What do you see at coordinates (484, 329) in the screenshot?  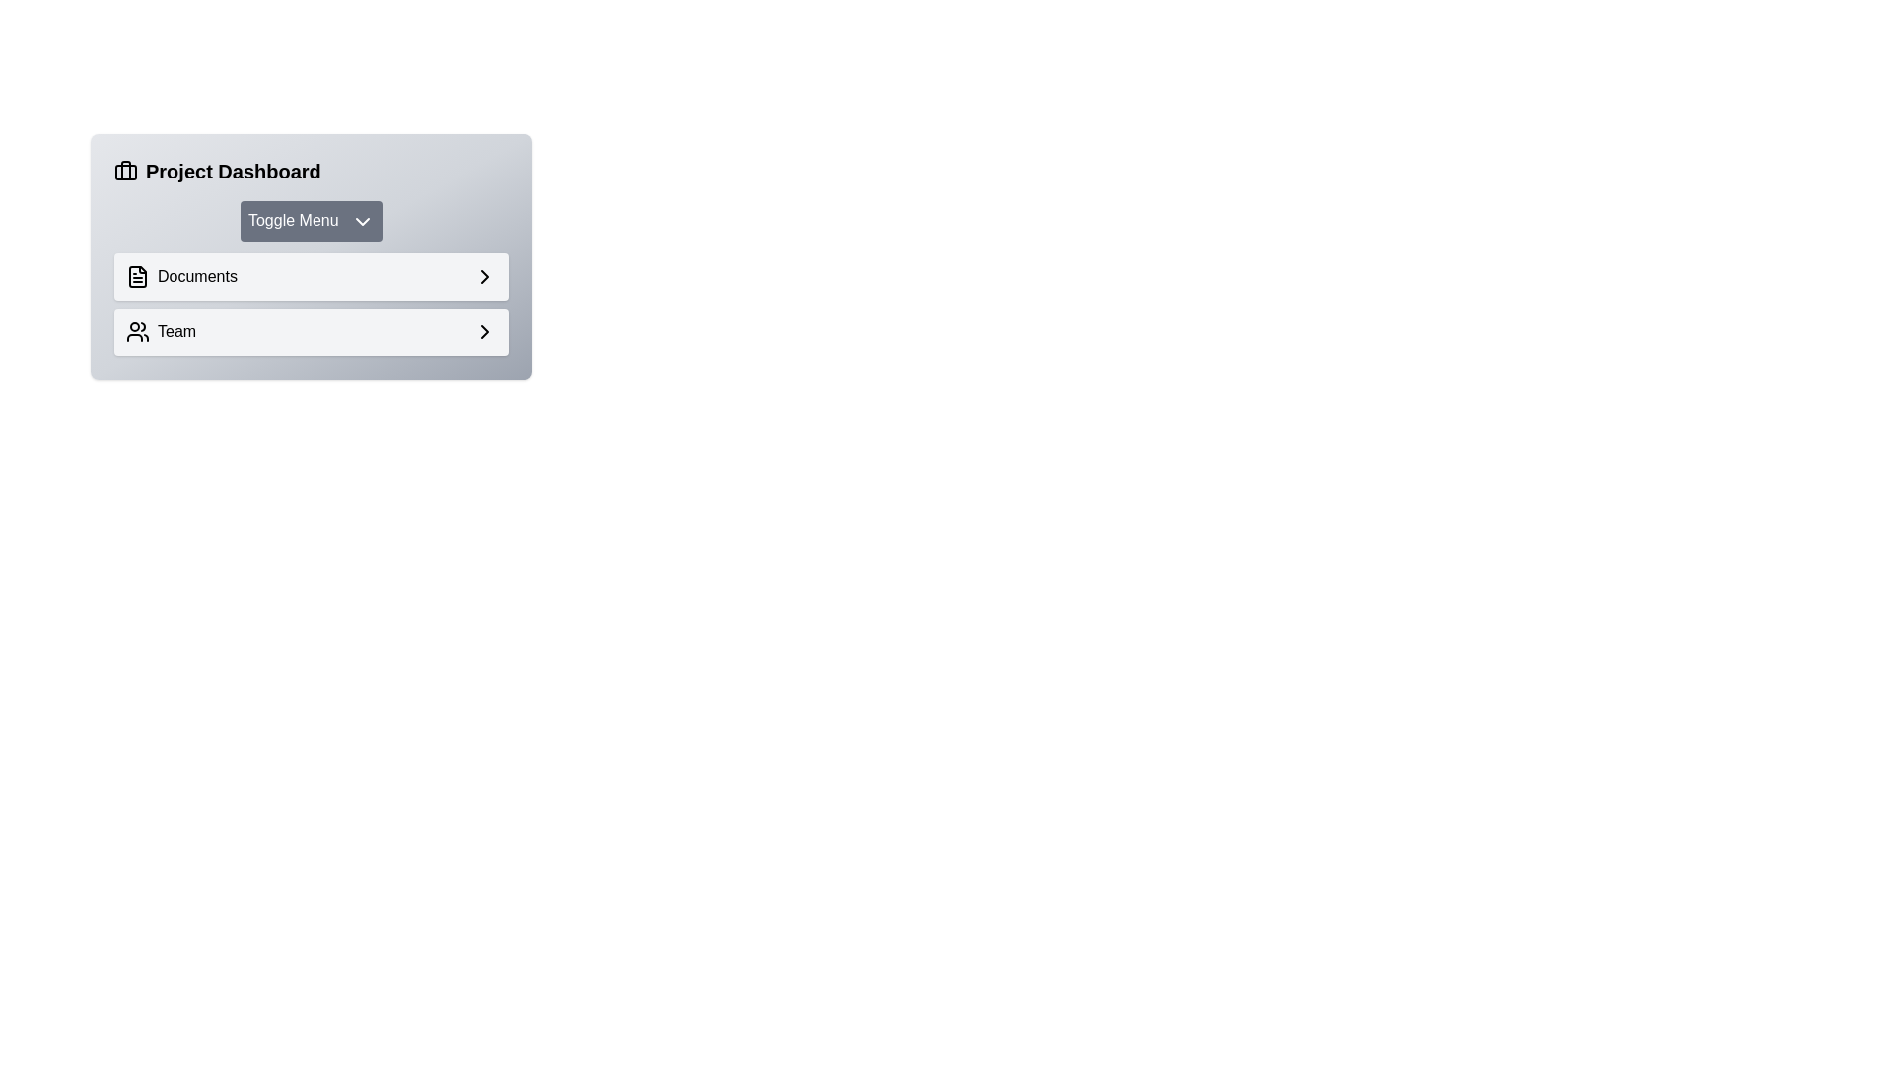 I see `the right-pointing chevron icon located to the right of the 'Team' text in the dashboard menu` at bounding box center [484, 329].